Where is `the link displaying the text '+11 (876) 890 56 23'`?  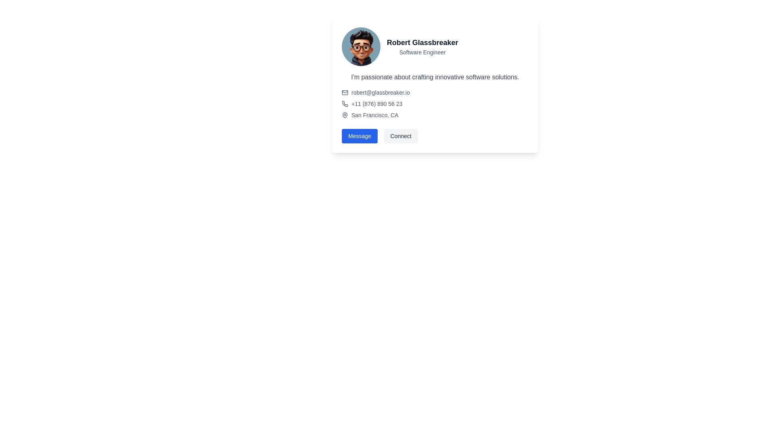
the link displaying the text '+11 (876) 890 56 23' is located at coordinates (376, 104).